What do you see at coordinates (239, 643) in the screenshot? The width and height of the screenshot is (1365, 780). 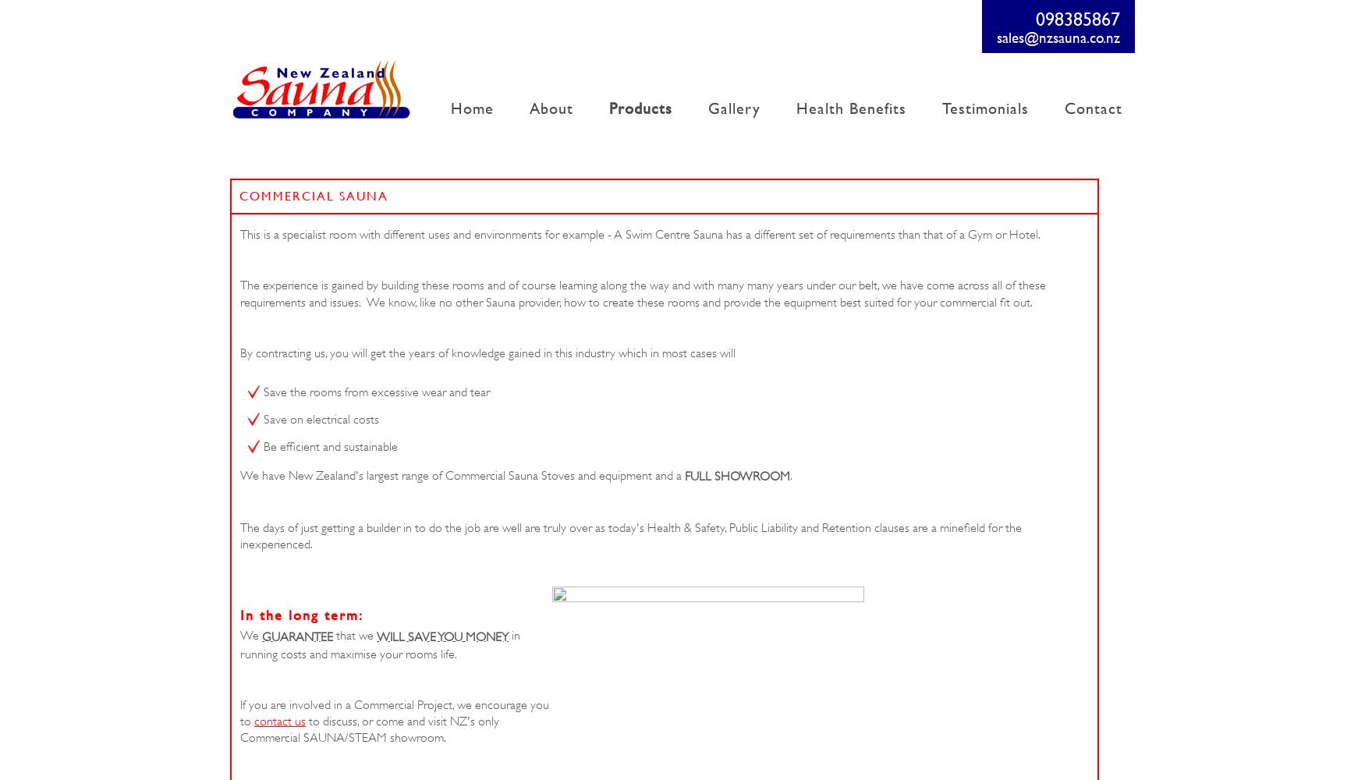 I see `'in running costs and maximise your rooms life.'` at bounding box center [239, 643].